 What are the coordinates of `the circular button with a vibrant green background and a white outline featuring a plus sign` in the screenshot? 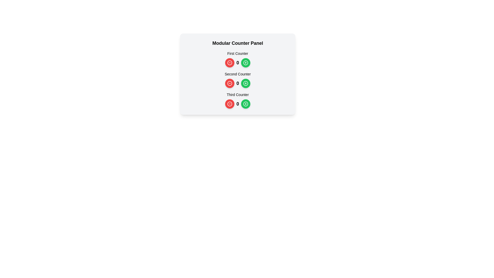 It's located at (245, 83).